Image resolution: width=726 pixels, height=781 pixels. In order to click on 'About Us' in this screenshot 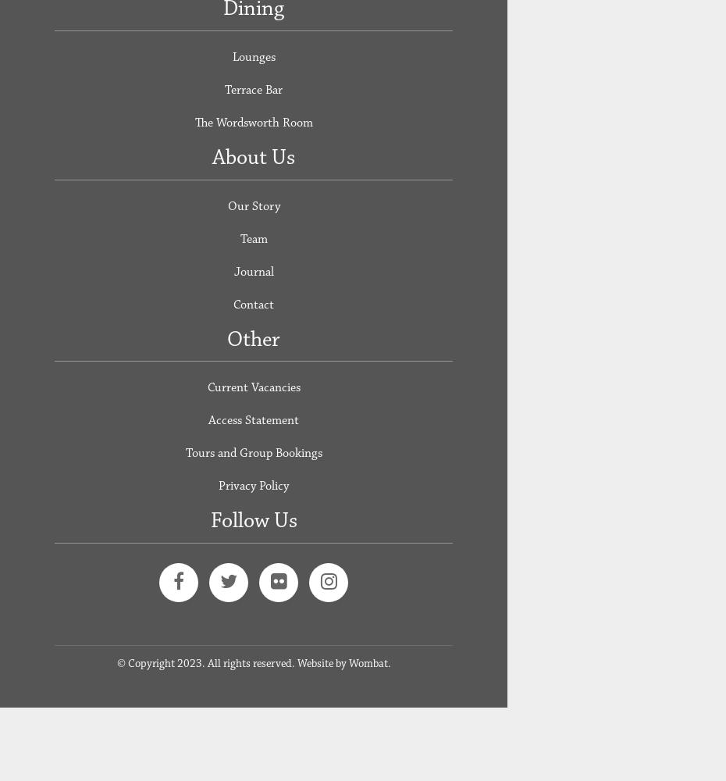, I will do `click(253, 156)`.